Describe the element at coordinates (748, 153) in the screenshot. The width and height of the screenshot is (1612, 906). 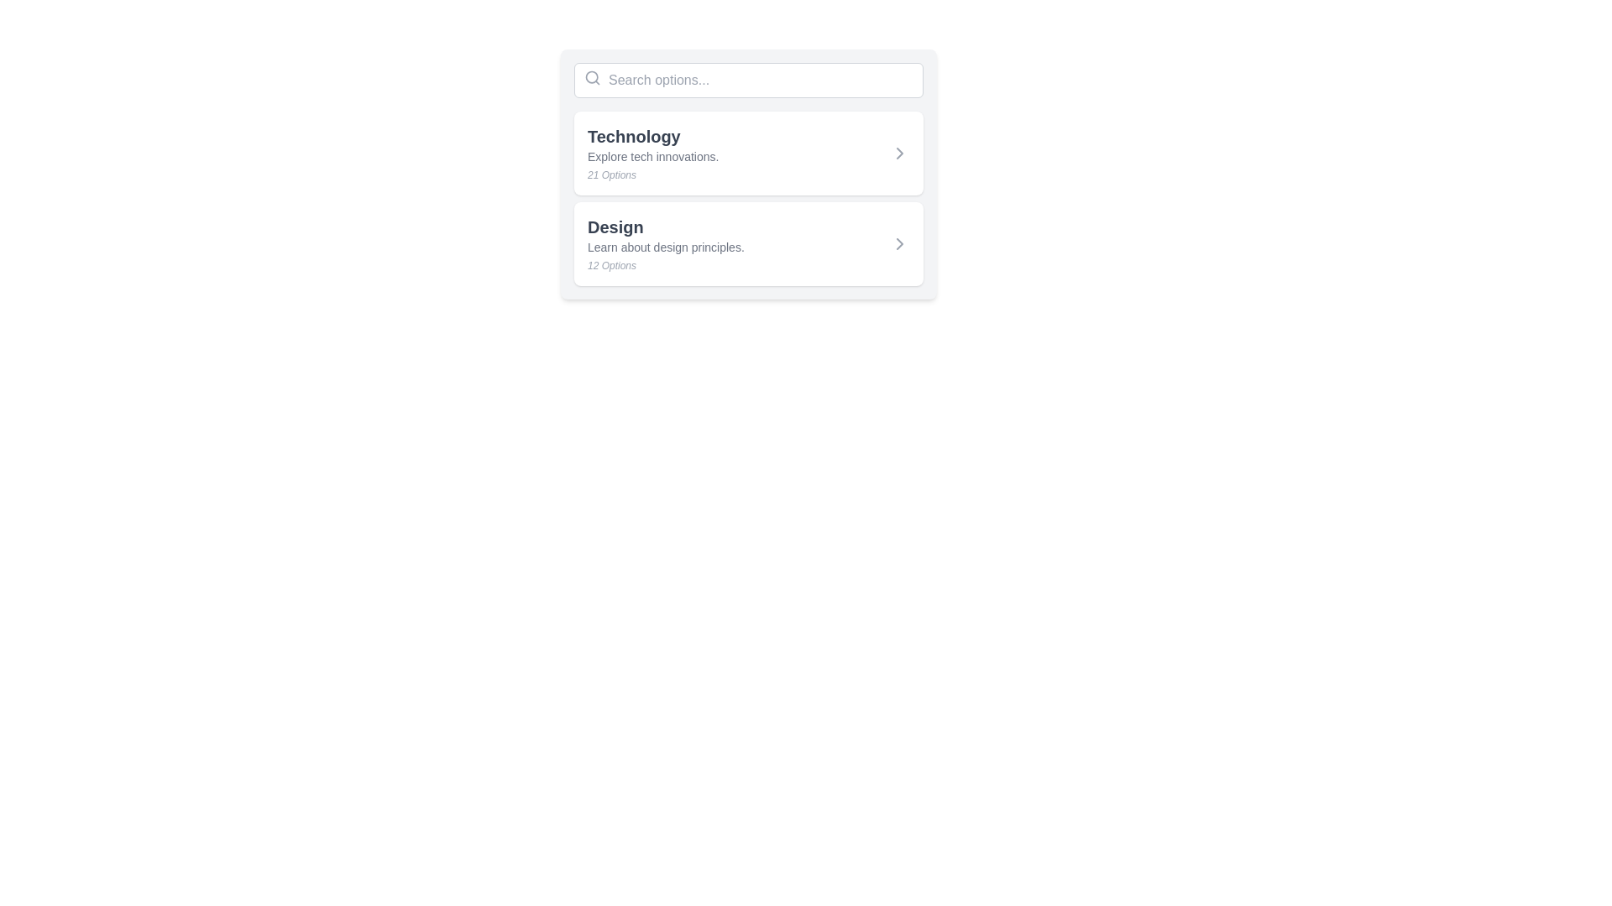
I see `the first Interactive List Item in the card-like structure` at that location.